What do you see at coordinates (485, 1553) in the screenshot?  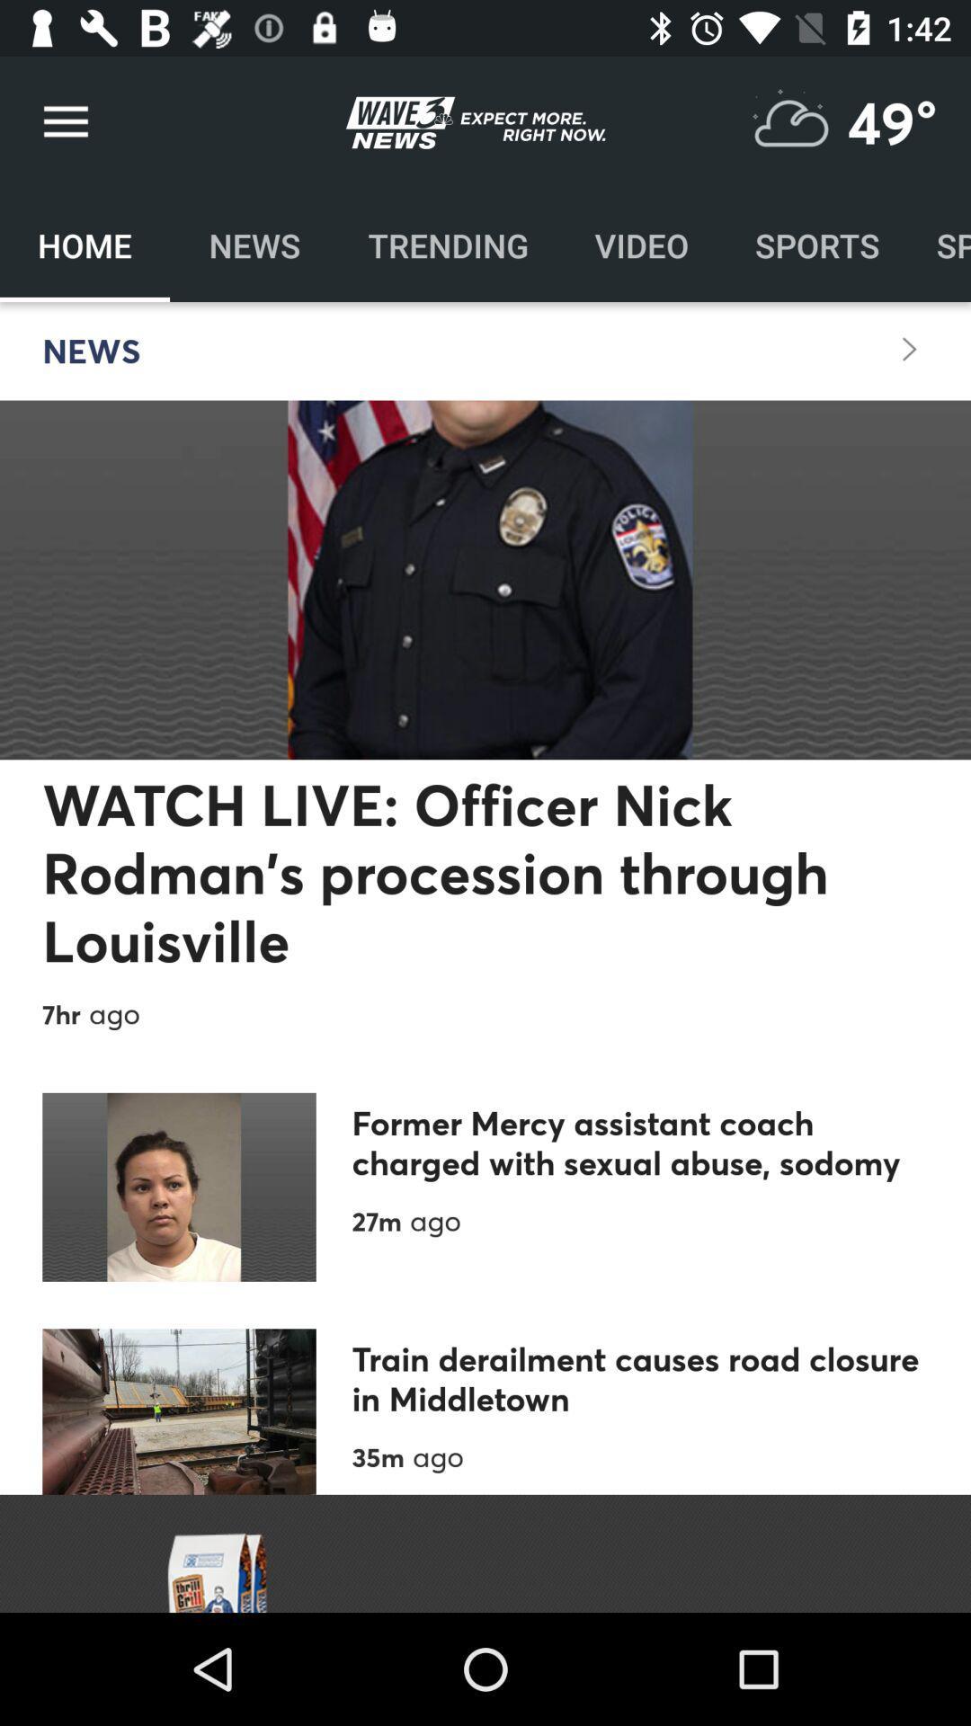 I see `advertisements` at bounding box center [485, 1553].